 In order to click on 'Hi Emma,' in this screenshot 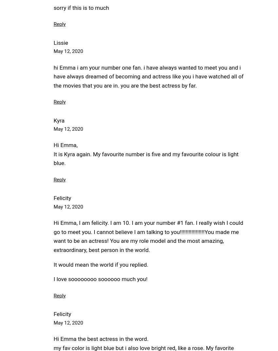, I will do `click(65, 144)`.